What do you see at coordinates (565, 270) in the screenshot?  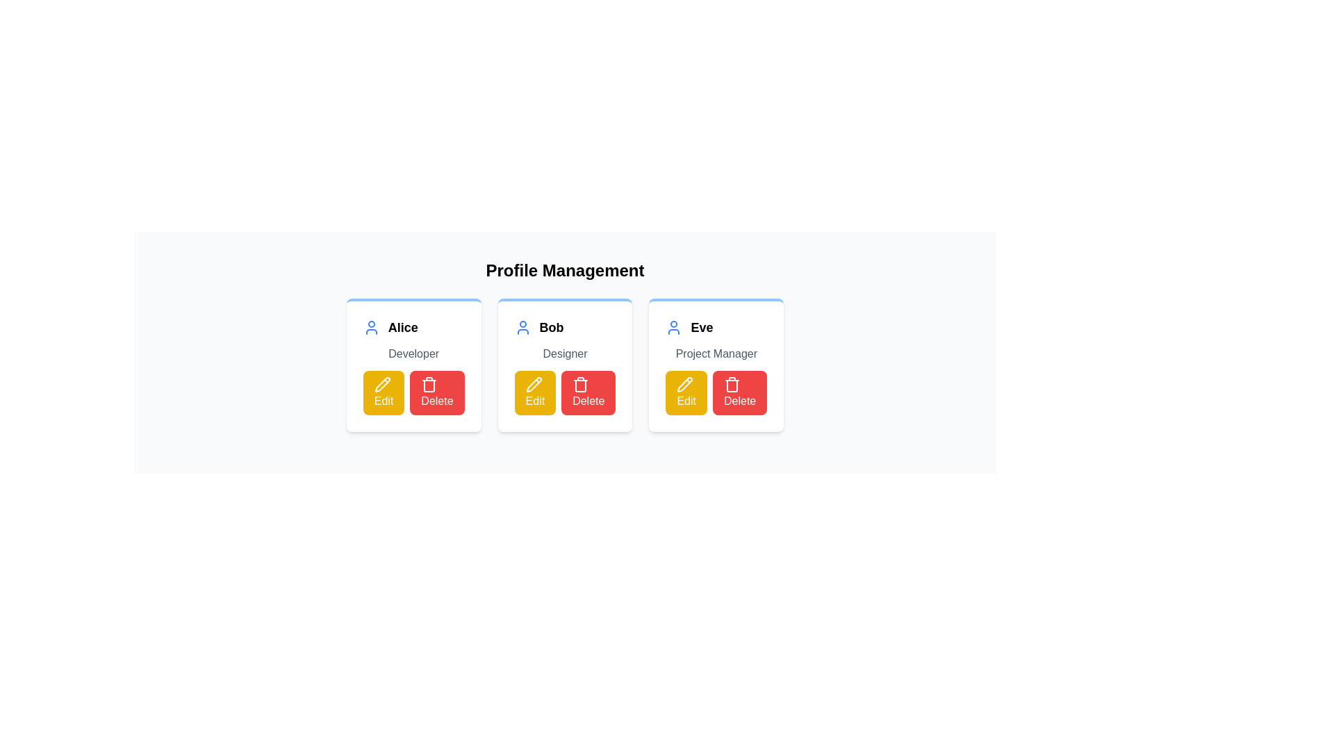 I see `Headline text located at the top of the profile management section, which is centrally aligned above the user profiles grid` at bounding box center [565, 270].